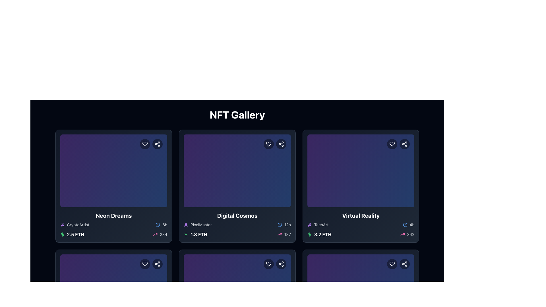 Image resolution: width=546 pixels, height=307 pixels. What do you see at coordinates (284, 235) in the screenshot?
I see `the pink trending-up icon with the numeric text '187' on the 'Digital Cosmos' card located in the second column of the first row of the grid` at bounding box center [284, 235].